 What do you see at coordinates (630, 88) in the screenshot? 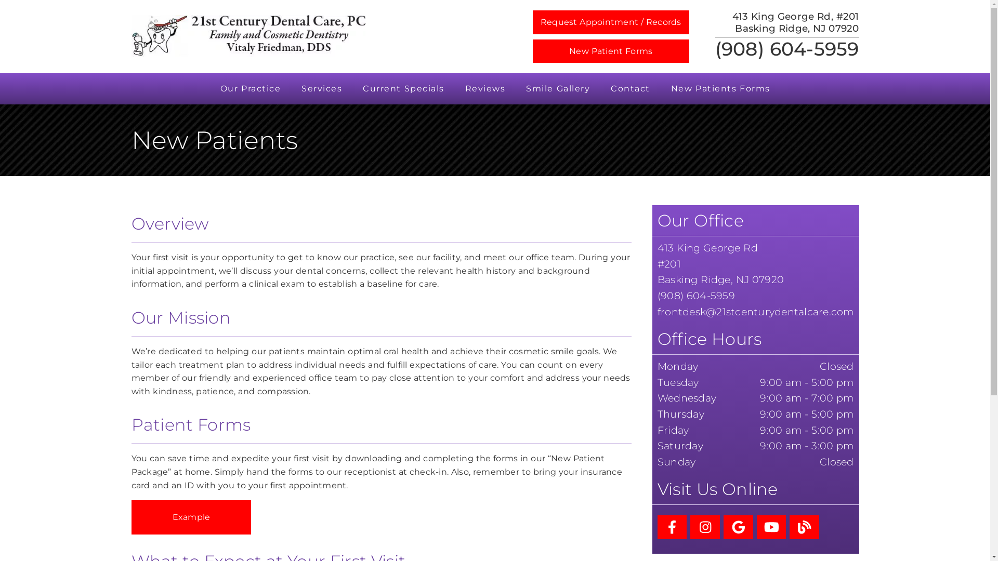
I see `'Contact'` at bounding box center [630, 88].